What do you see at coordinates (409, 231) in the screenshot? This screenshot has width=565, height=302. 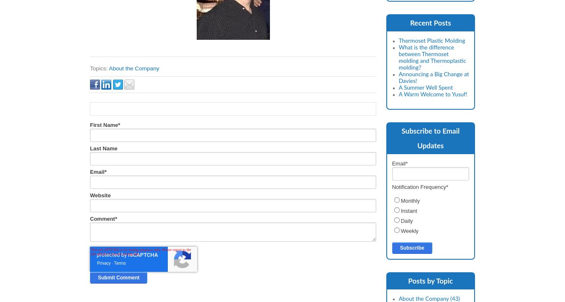 I see `'Weekly'` at bounding box center [409, 231].